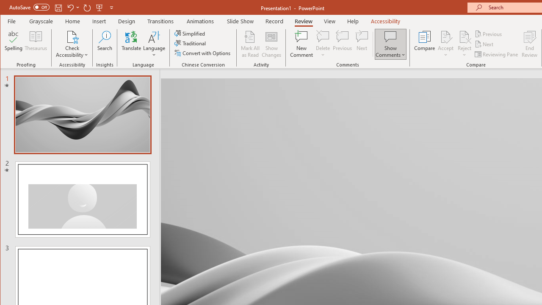 The image size is (542, 305). What do you see at coordinates (424, 44) in the screenshot?
I see `'Compare'` at bounding box center [424, 44].